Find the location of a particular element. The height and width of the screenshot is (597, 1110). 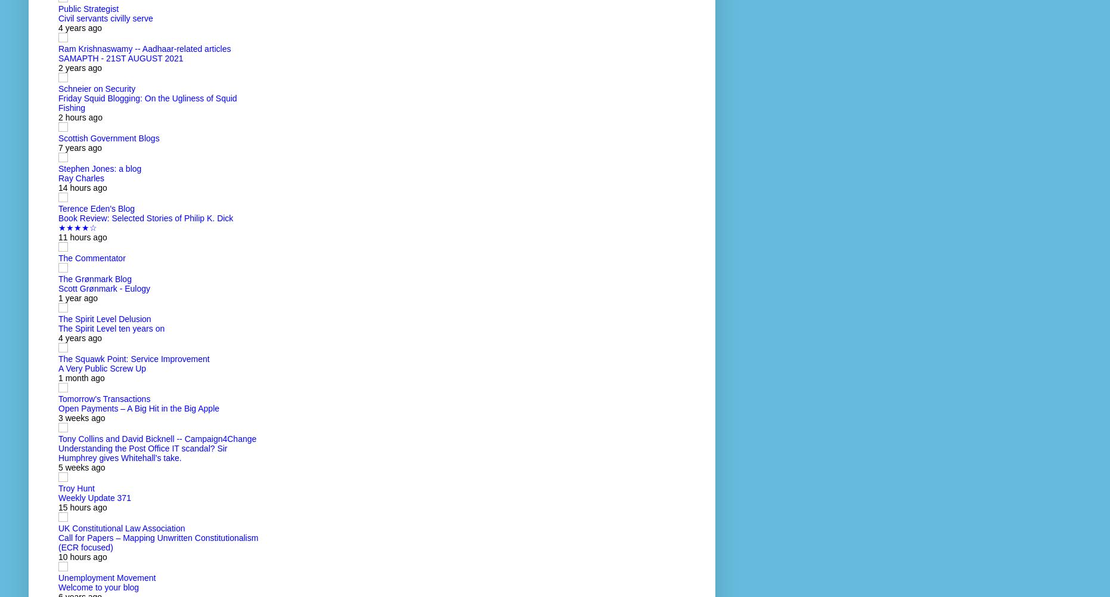

'11 hours ago' is located at coordinates (82, 236).